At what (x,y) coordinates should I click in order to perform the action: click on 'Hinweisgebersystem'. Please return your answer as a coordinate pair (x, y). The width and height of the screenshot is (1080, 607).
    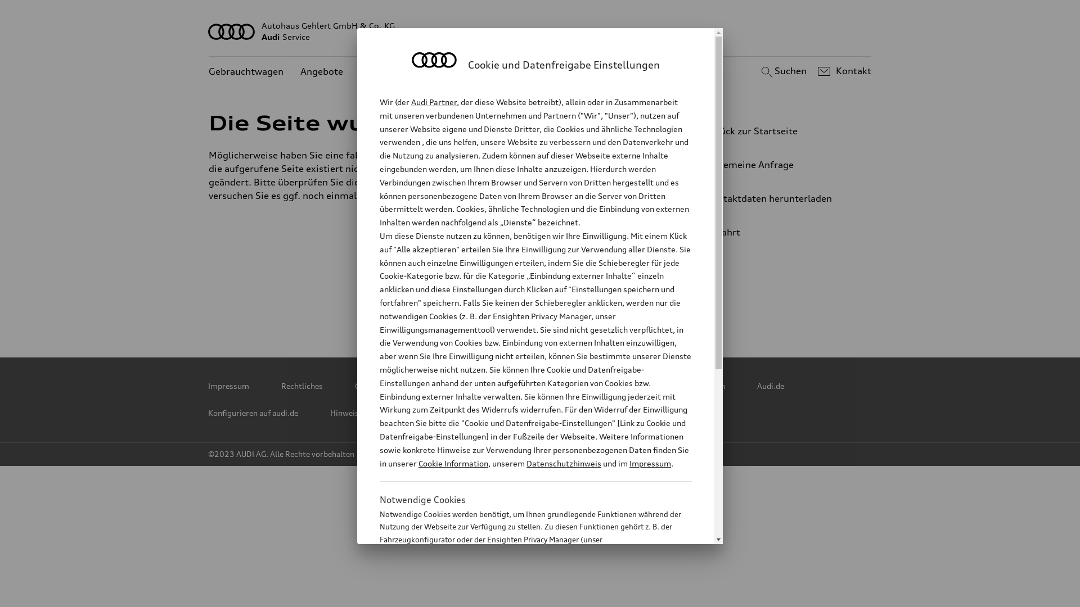
    Looking at the image, I should click on (367, 413).